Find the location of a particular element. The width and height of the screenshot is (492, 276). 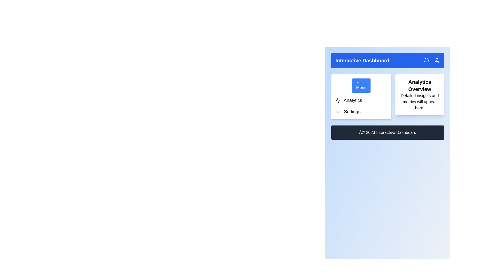

the blue button labeled 'Menu' with a downward-pointing chevron icon is located at coordinates (361, 85).